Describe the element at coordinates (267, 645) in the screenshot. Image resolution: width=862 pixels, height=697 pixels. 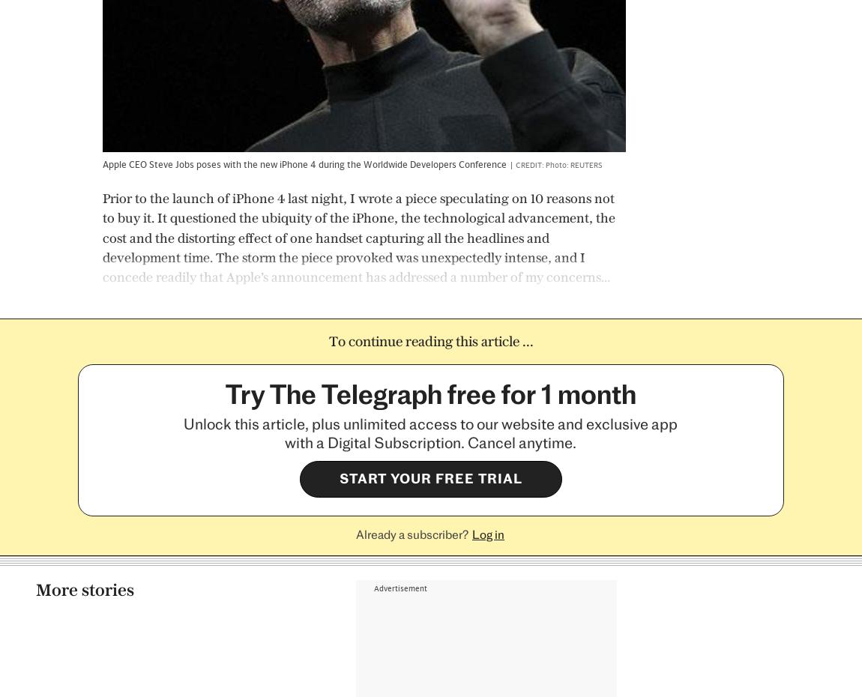
I see `'About us'` at that location.